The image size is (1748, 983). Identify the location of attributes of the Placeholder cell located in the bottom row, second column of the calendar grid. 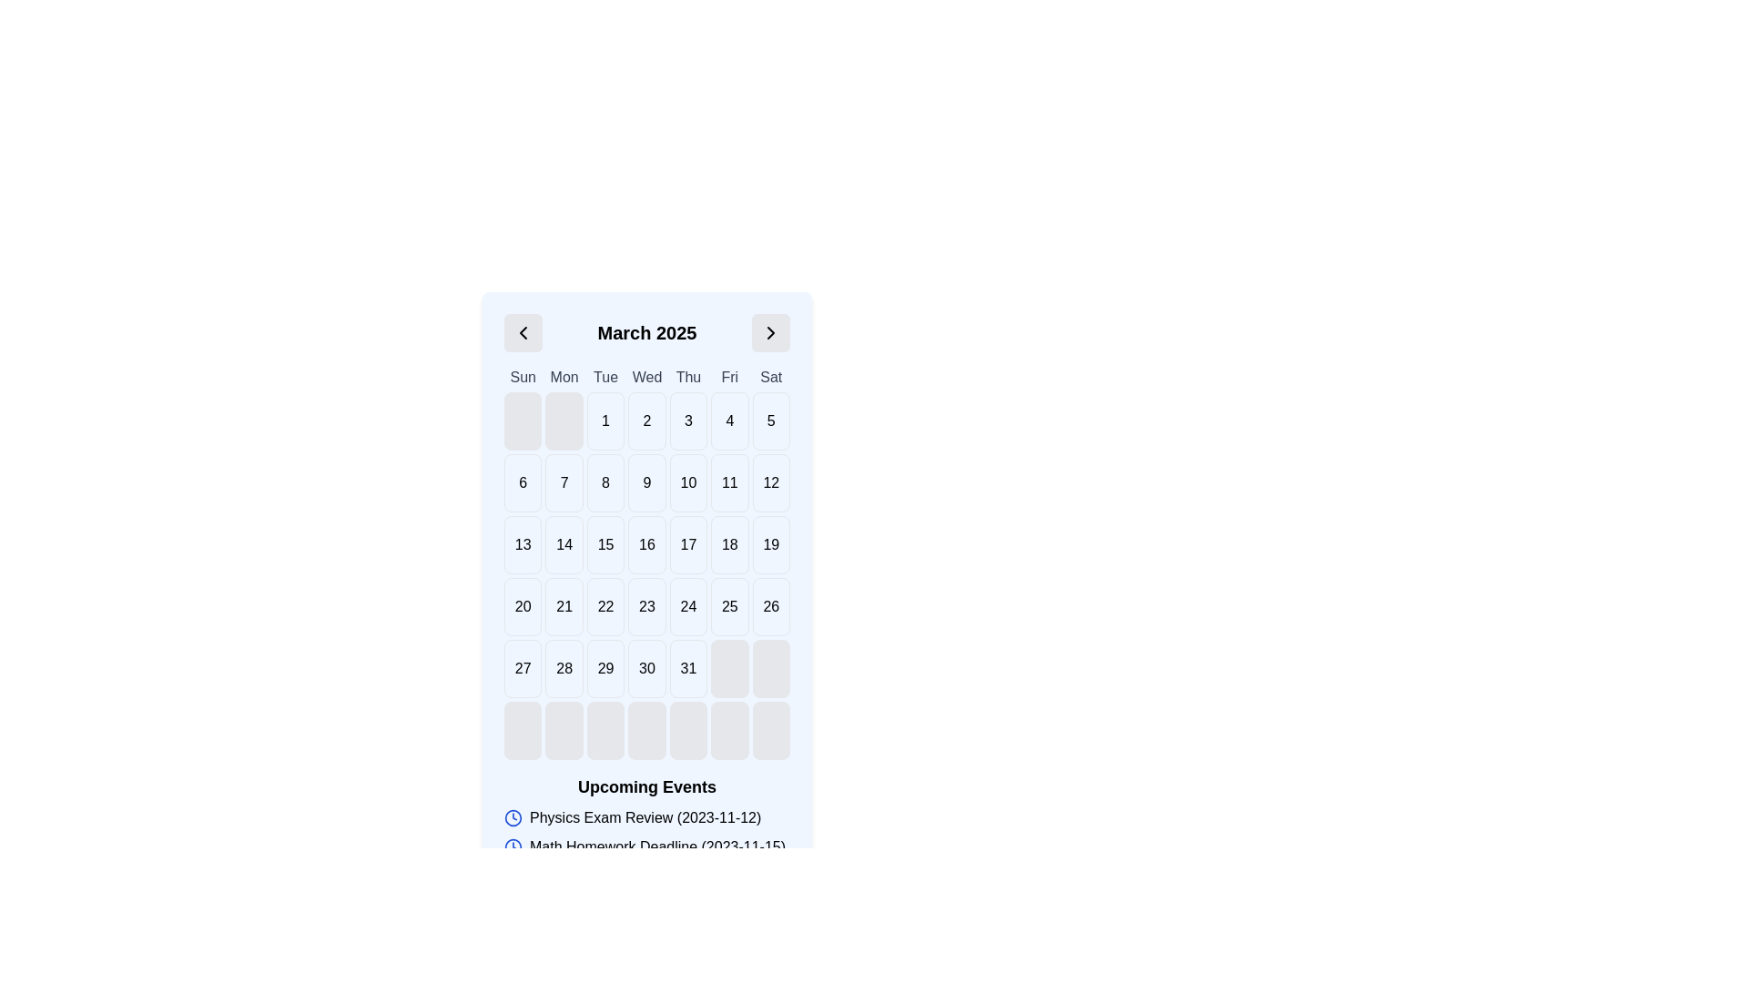
(564, 729).